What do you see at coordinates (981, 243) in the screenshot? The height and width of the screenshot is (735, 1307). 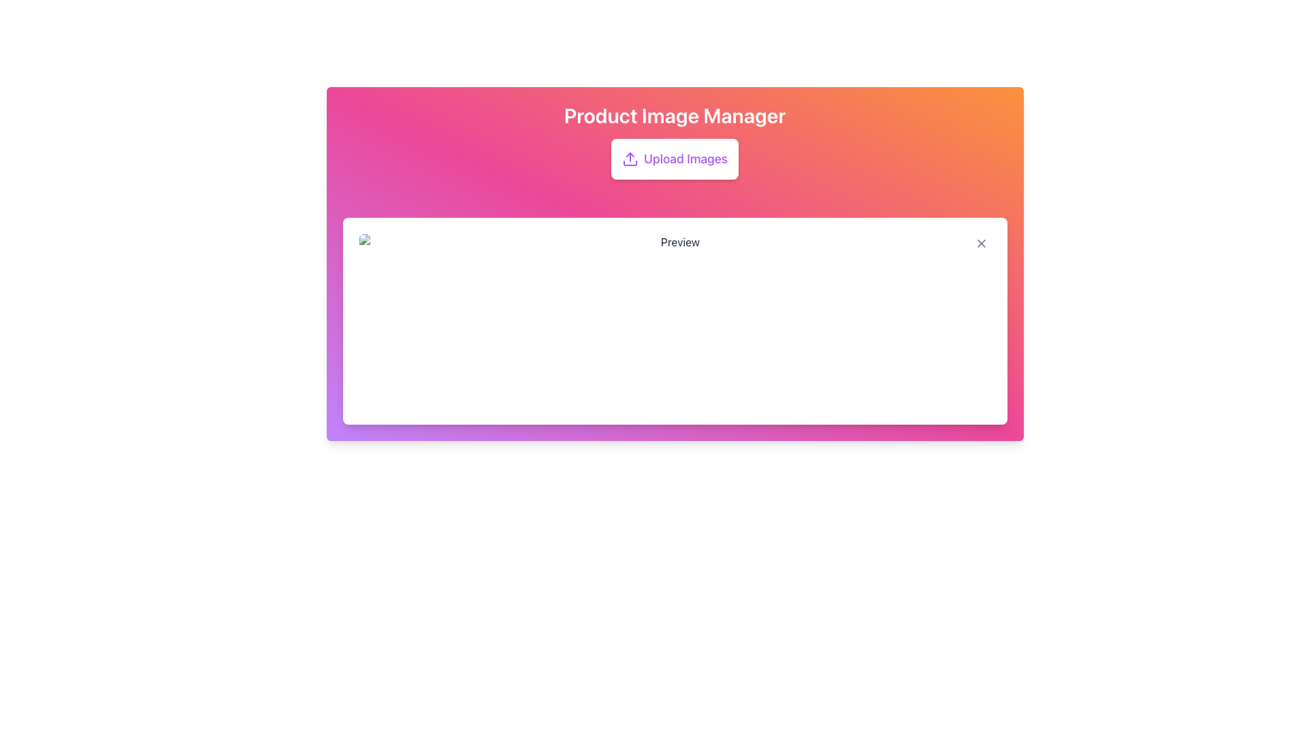 I see `the close icon, which is a minimalistic 'X' created with two diagonal lines, located in the top-right corner of the preview box` at bounding box center [981, 243].